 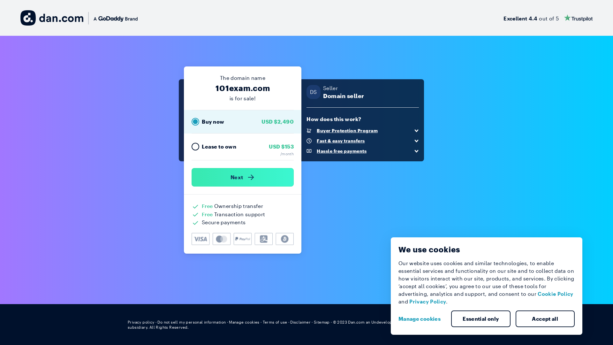 I want to click on 'Accept all', so click(x=545, y=319).